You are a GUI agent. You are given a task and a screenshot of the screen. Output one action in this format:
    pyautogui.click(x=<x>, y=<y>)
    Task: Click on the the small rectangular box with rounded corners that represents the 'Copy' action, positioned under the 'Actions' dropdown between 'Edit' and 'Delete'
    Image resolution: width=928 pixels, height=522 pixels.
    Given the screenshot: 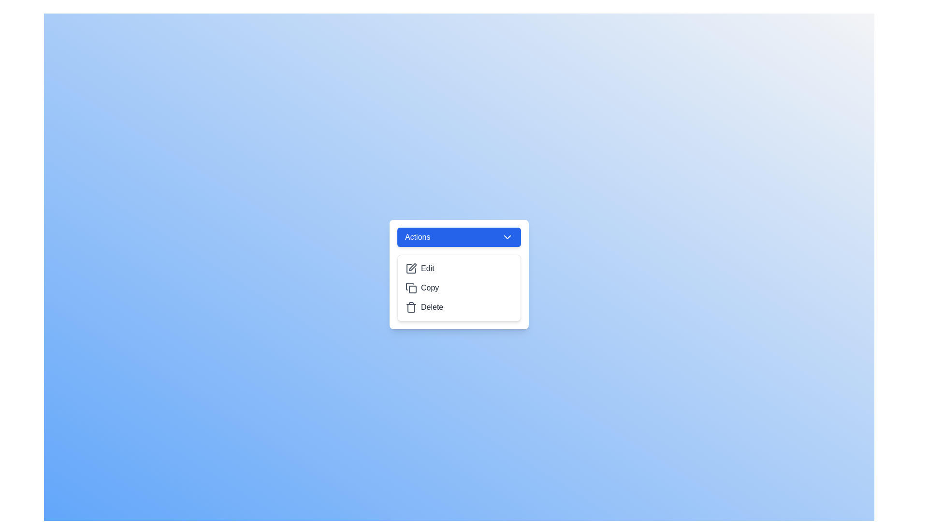 What is the action you would take?
    pyautogui.click(x=413, y=289)
    